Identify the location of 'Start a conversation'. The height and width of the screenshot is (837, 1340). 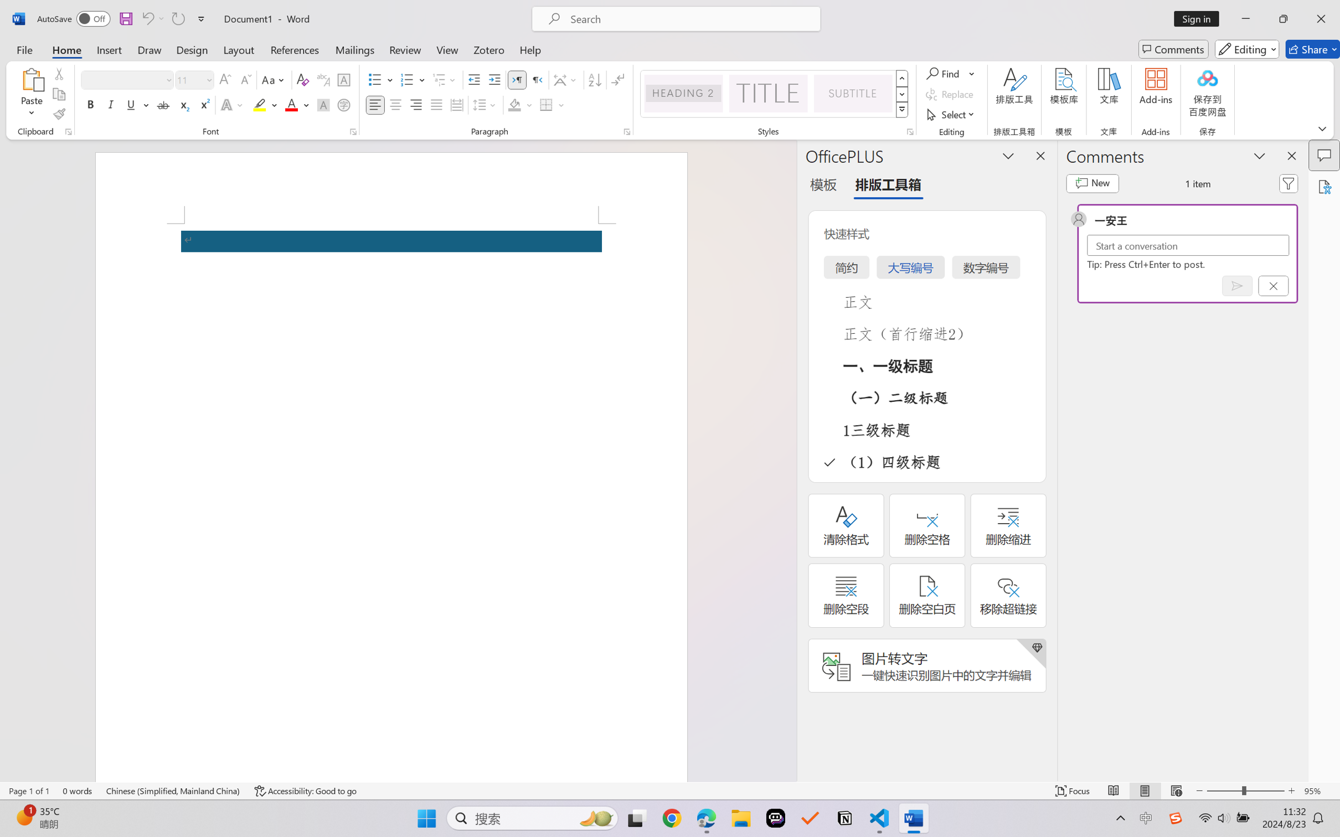
(1188, 245).